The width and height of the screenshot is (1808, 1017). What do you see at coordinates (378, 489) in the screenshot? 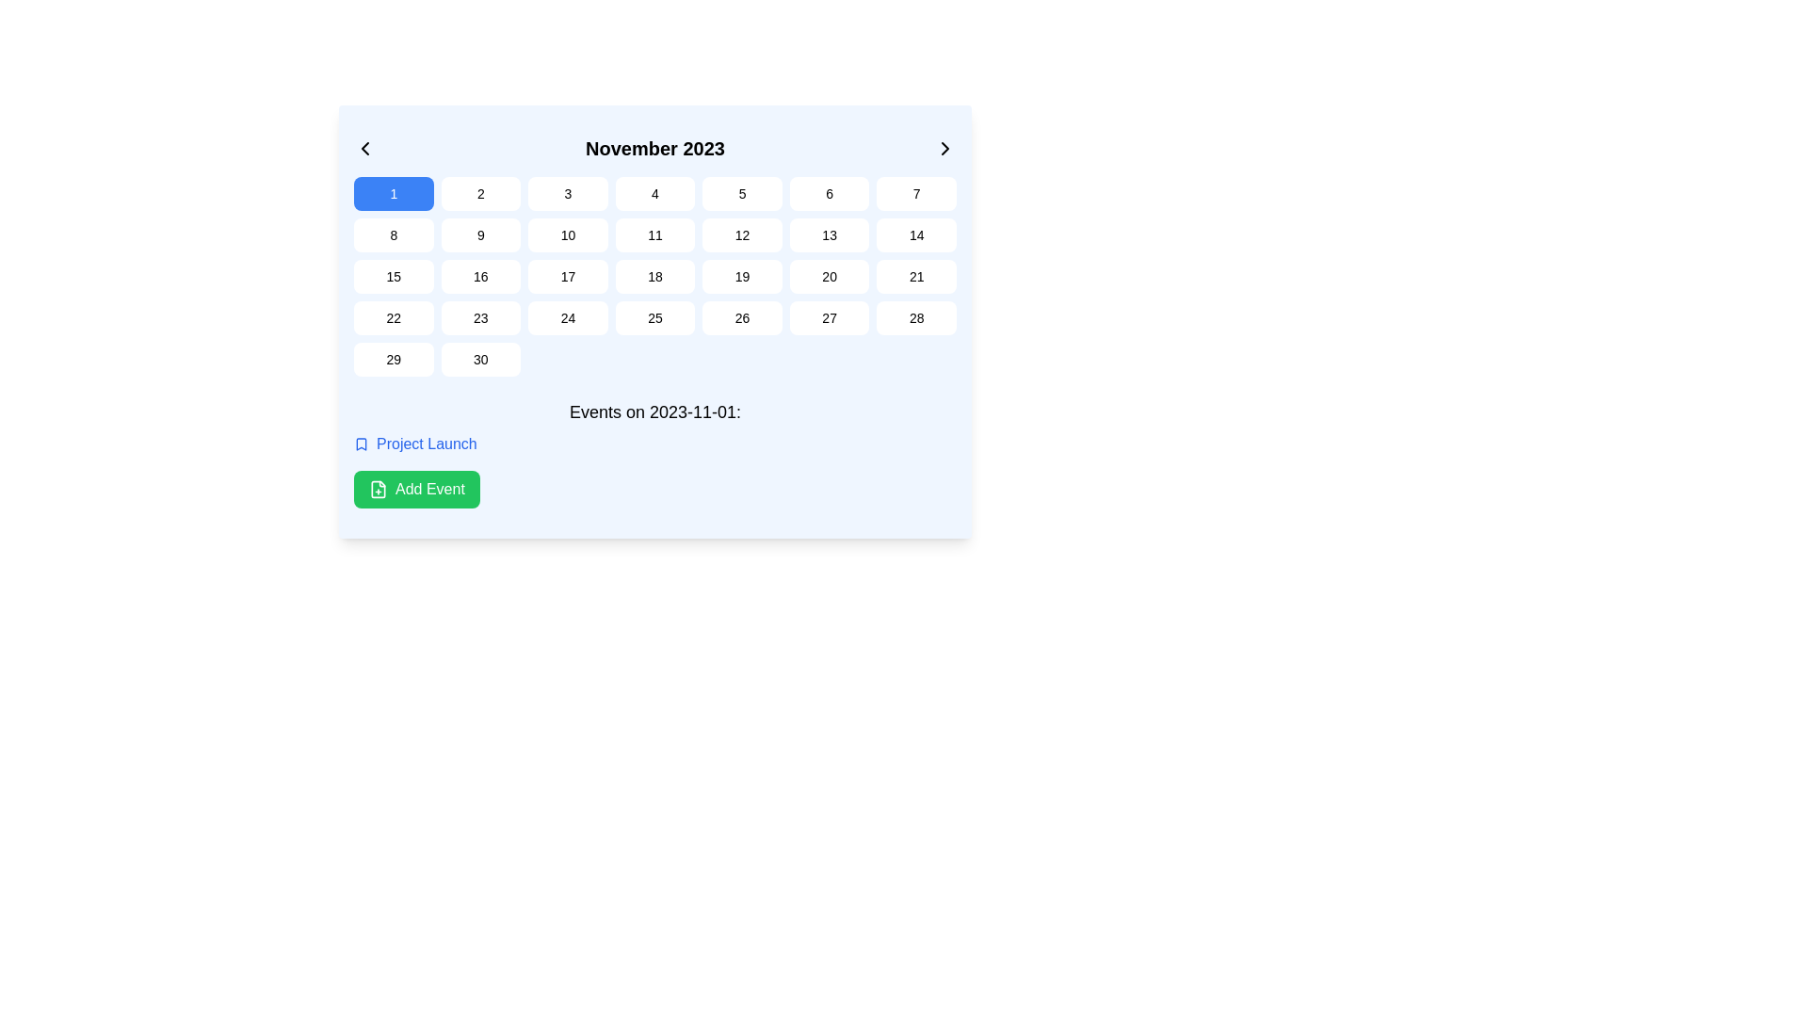
I see `the 'Add Event' icon on the green button located towards the bottom-left of the calendar interface` at bounding box center [378, 489].